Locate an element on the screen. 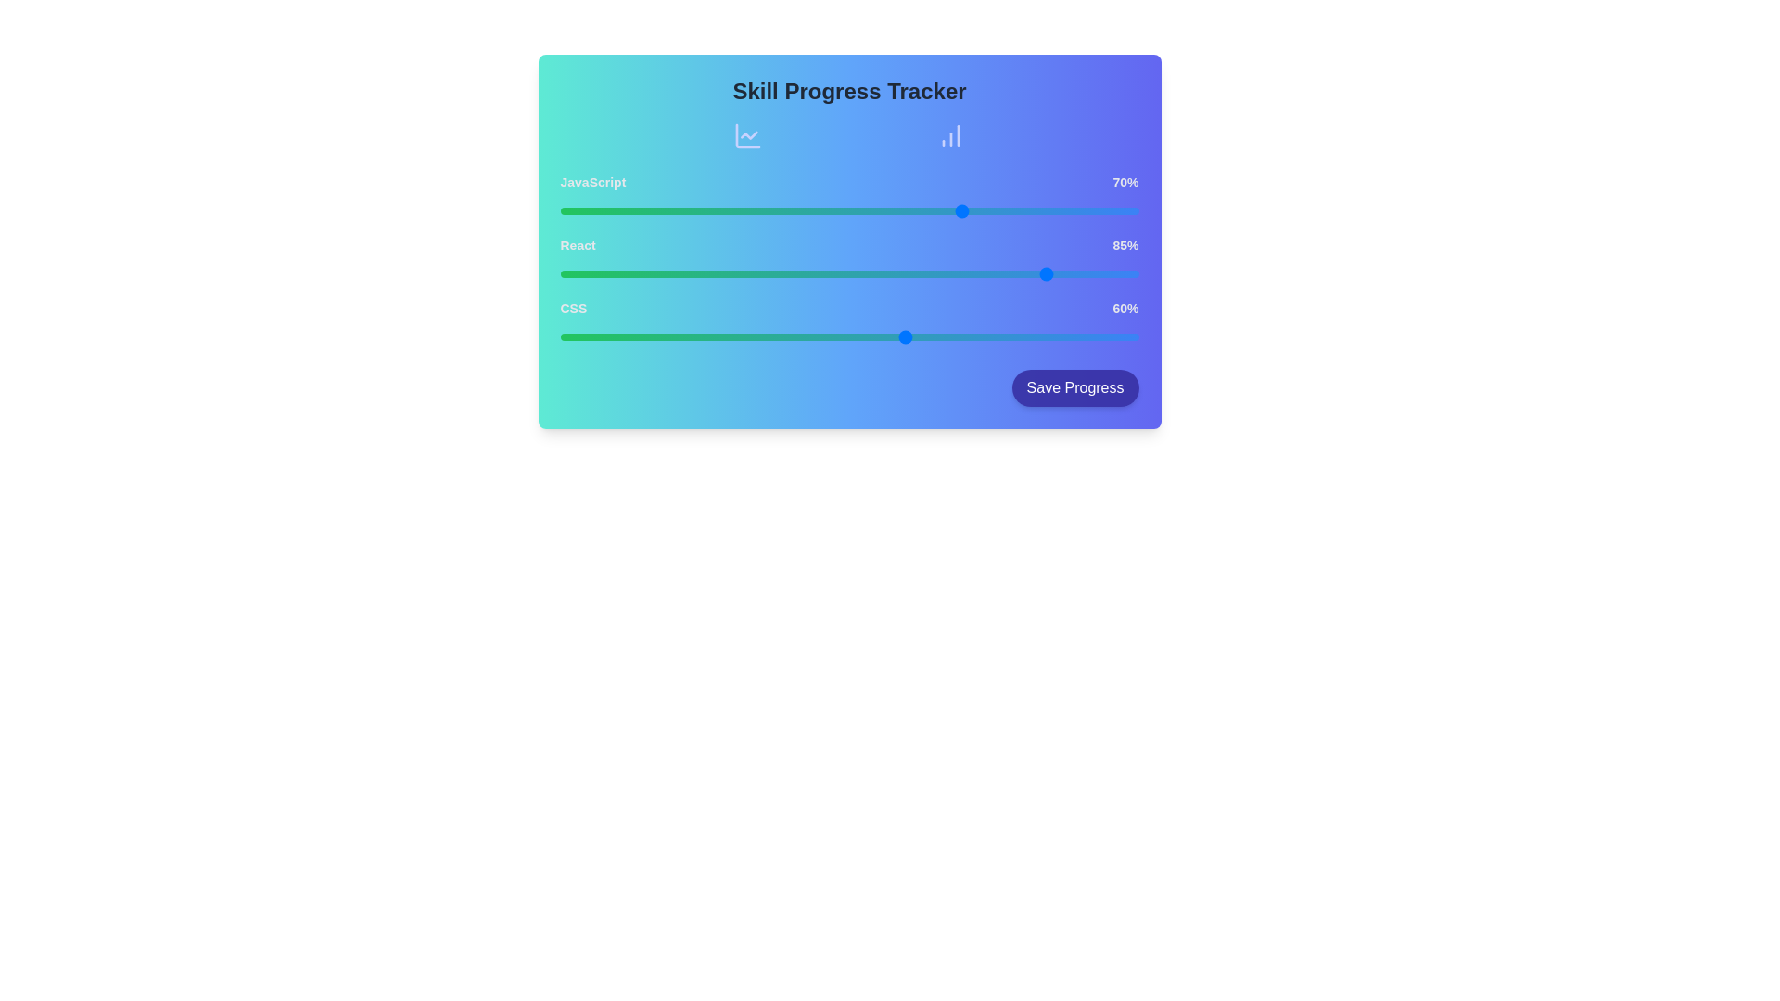 The width and height of the screenshot is (1780, 1001). the chart icon corresponding to line_chart is located at coordinates (748, 134).